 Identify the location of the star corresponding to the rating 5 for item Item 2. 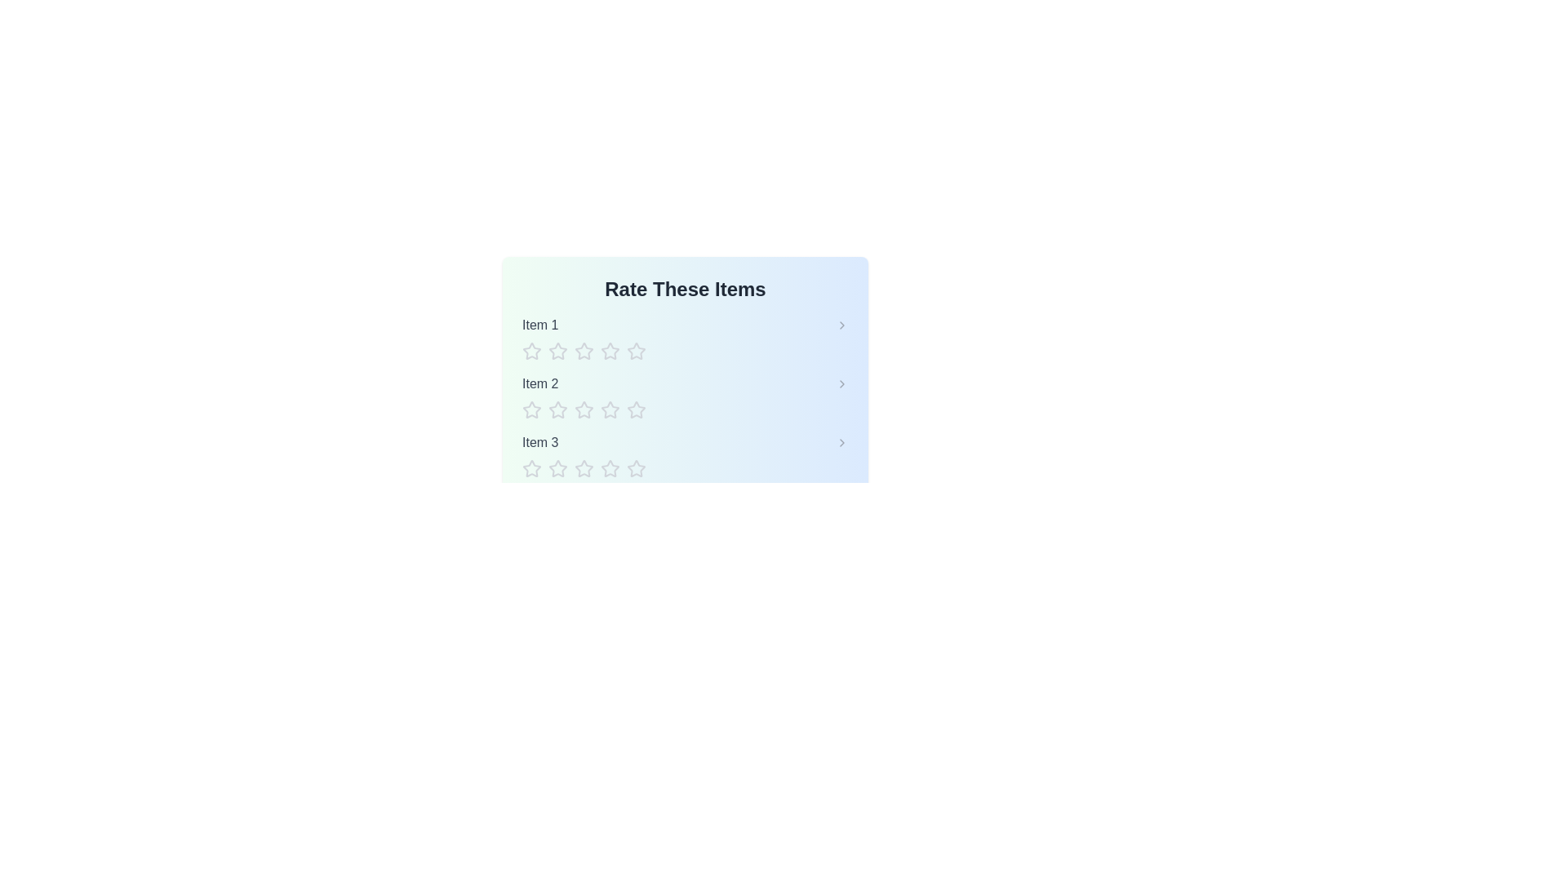
(635, 409).